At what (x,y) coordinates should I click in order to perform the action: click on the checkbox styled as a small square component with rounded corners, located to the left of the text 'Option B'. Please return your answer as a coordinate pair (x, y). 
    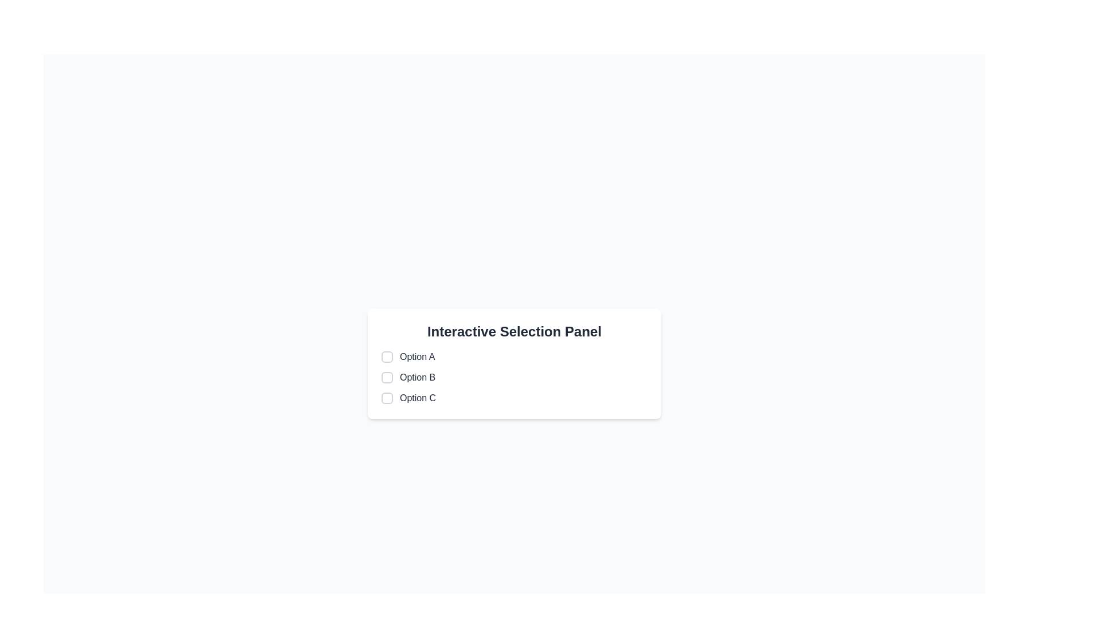
    Looking at the image, I should click on (387, 378).